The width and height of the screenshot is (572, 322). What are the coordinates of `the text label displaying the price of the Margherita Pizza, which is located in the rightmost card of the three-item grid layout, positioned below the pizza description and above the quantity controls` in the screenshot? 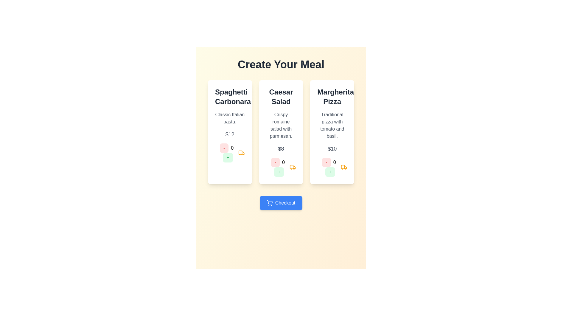 It's located at (332, 148).